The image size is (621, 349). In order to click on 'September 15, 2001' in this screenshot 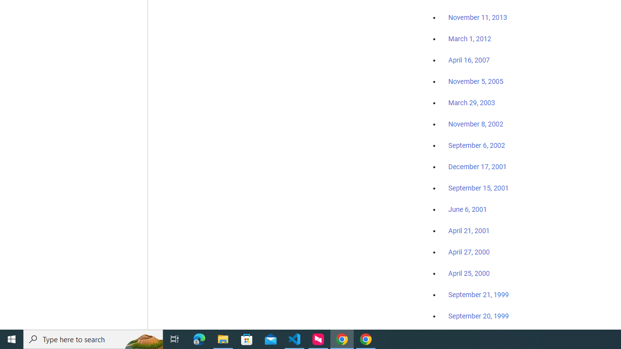, I will do `click(478, 188)`.